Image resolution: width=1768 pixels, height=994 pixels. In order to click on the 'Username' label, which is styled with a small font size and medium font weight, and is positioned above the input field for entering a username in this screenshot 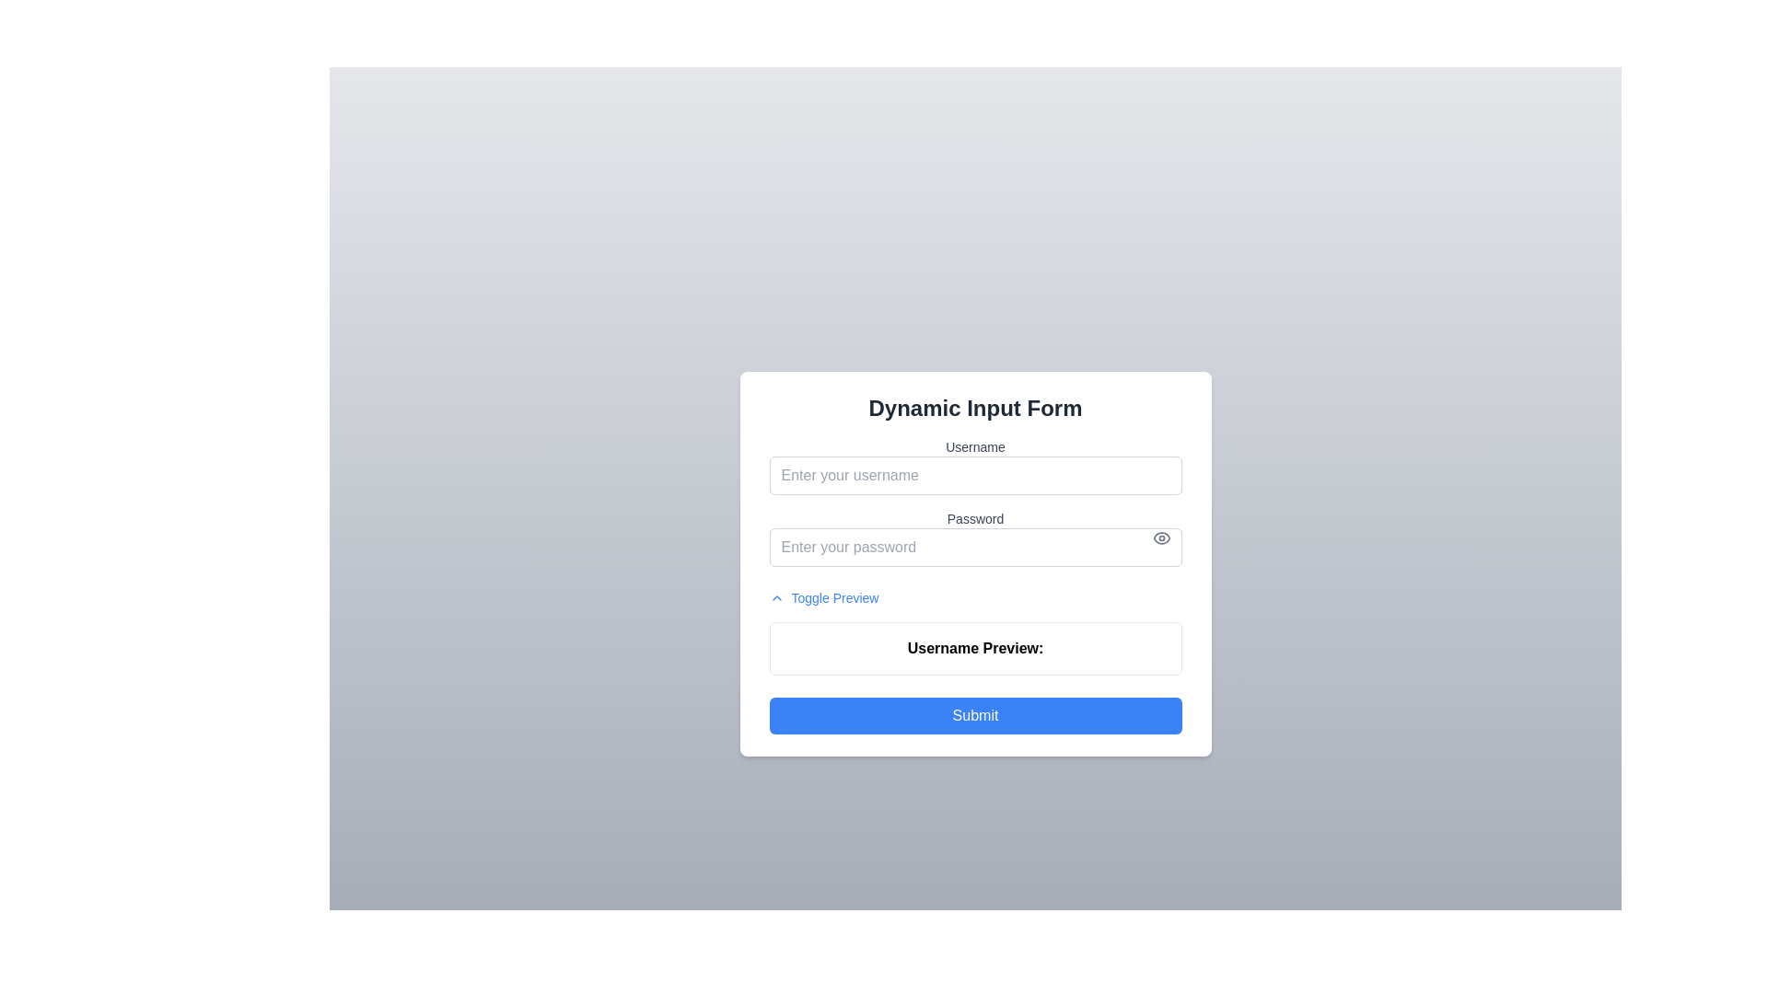, I will do `click(974, 447)`.